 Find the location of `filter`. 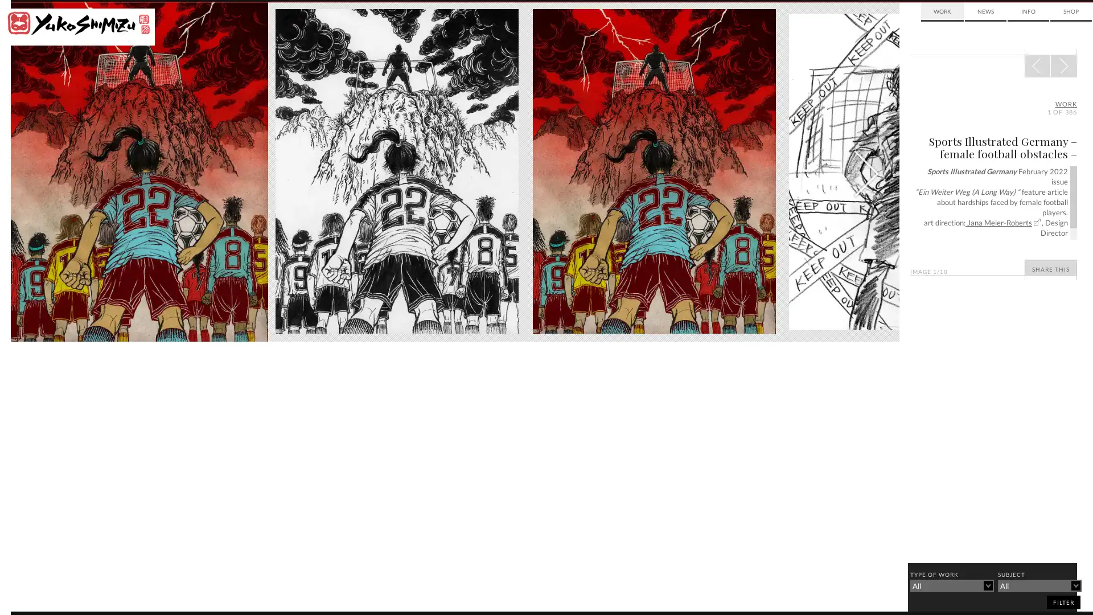

filter is located at coordinates (1063, 601).